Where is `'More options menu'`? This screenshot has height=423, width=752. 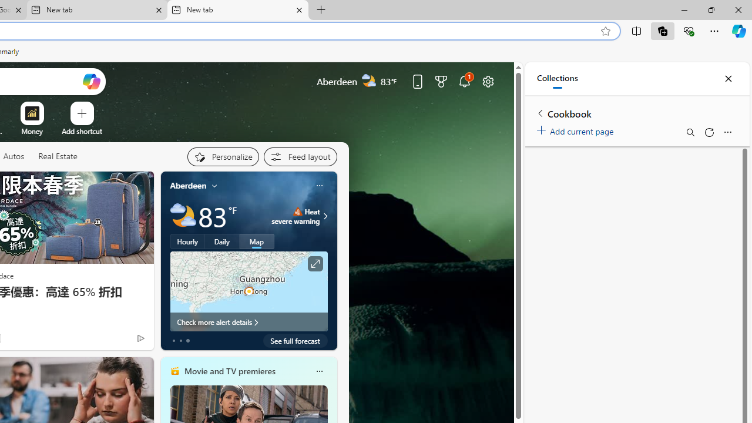 'More options menu' is located at coordinates (727, 132).